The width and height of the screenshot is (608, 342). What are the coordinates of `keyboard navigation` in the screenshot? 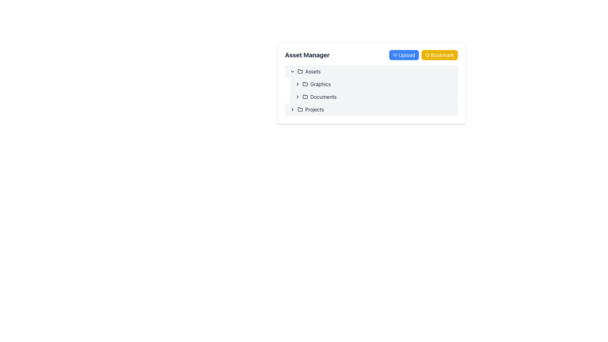 It's located at (404, 54).